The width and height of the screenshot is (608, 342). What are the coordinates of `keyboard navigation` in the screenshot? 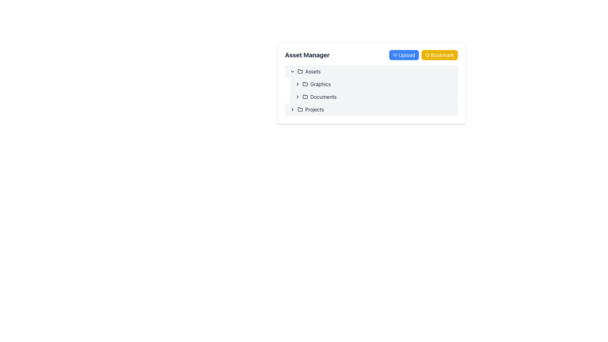 It's located at (404, 54).